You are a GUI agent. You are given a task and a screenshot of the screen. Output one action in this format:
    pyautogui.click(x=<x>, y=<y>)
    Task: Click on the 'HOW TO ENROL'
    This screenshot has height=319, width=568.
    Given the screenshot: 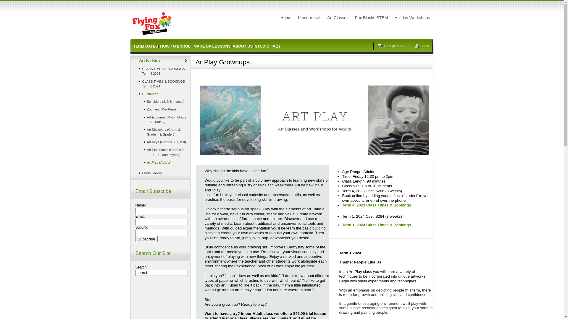 What is the action you would take?
    pyautogui.click(x=160, y=46)
    